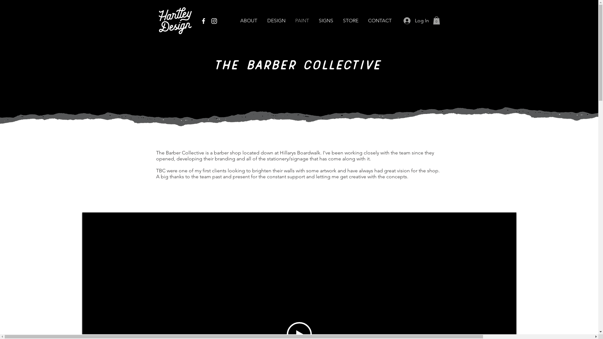 This screenshot has width=603, height=339. Describe the element at coordinates (235, 20) in the screenshot. I see `'ABOUT'` at that location.